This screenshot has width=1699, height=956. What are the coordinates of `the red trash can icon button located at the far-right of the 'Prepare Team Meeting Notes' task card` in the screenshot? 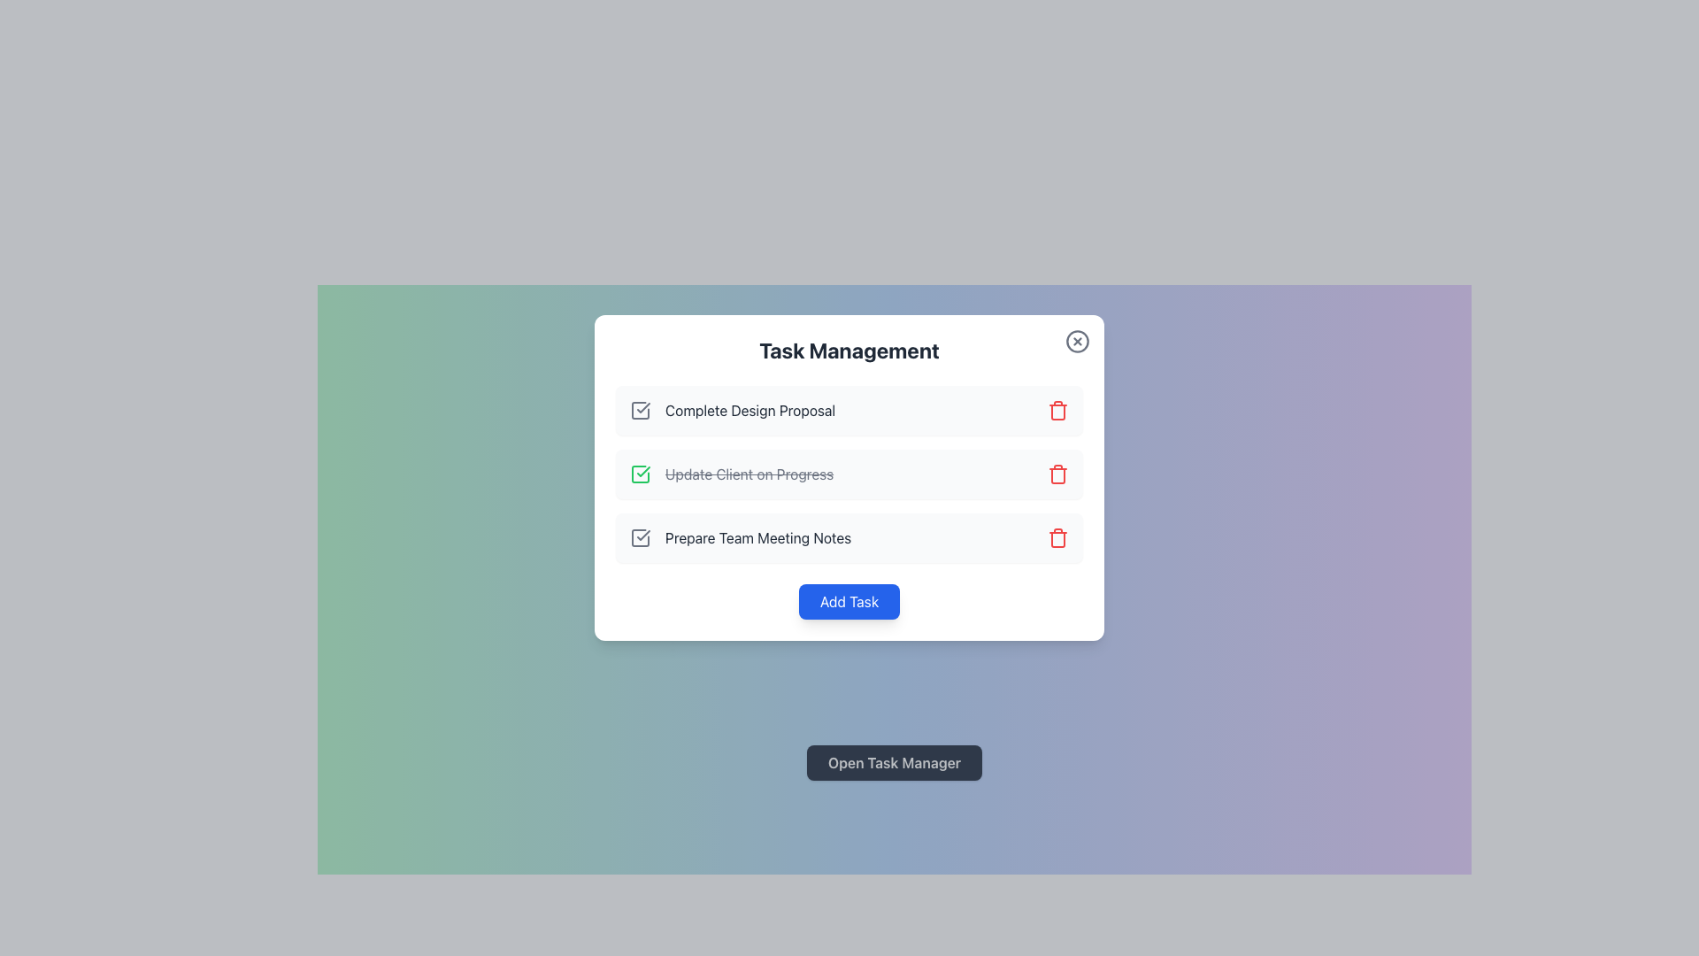 It's located at (1057, 537).